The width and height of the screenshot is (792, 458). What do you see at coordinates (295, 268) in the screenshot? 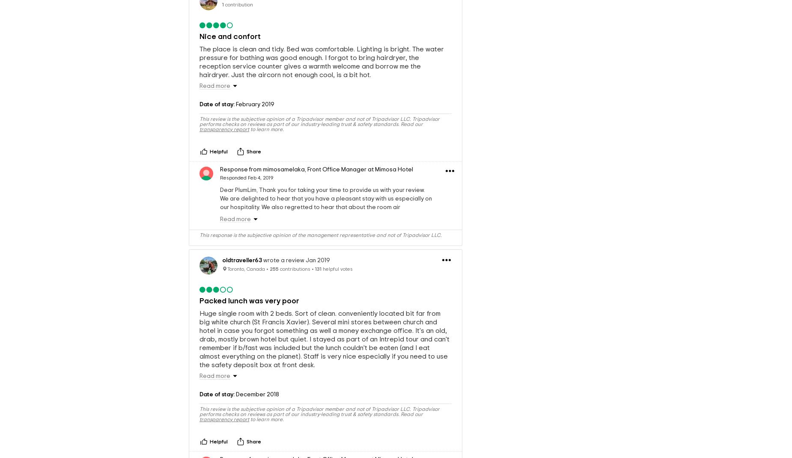
I see `'contributions'` at bounding box center [295, 268].